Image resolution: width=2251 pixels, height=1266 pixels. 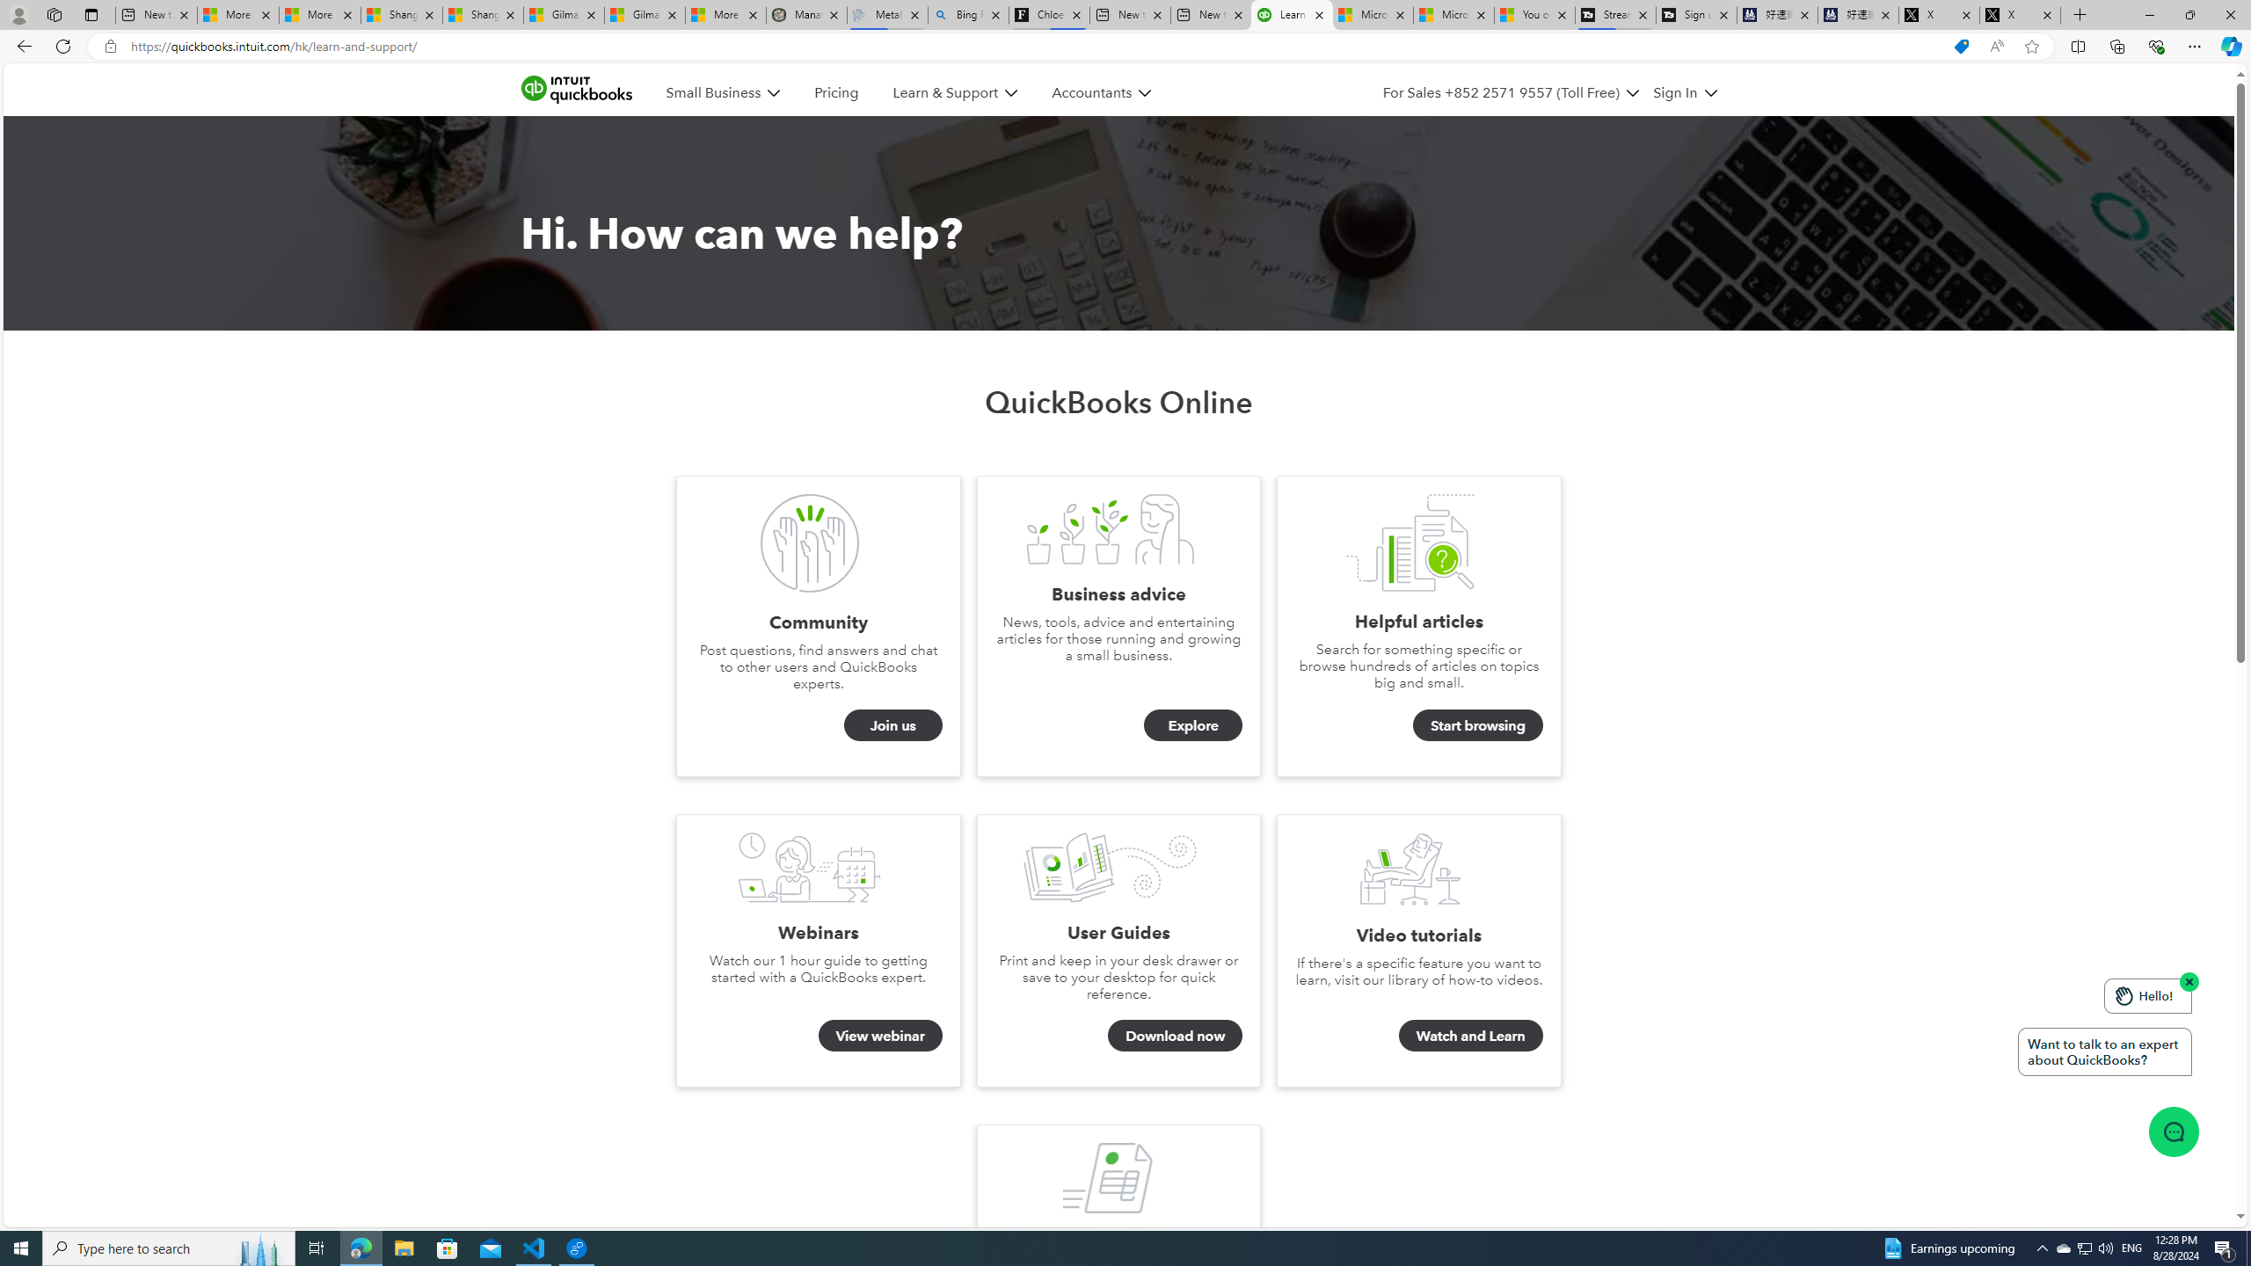 I want to click on 'Learn & Support', so click(x=953, y=93).